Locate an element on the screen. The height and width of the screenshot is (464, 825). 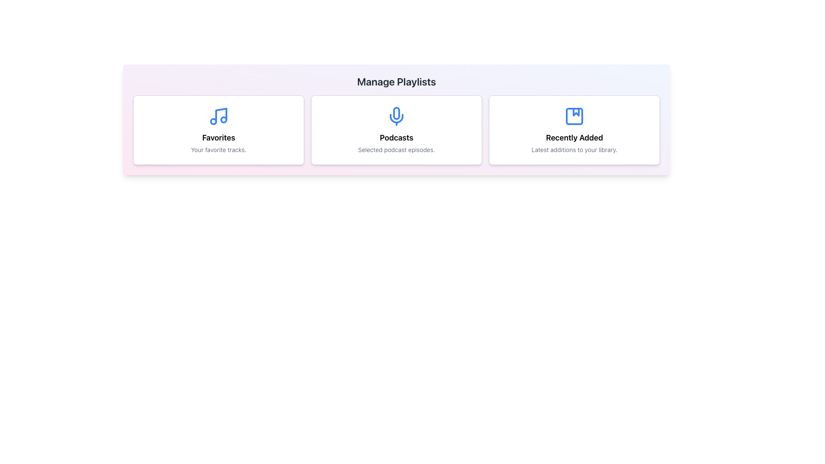
the text element that reads 'Latest additions to your library.' which is located beneath the title 'Recently Added' in a bordered card on the rightmost side of the layout is located at coordinates (574, 149).